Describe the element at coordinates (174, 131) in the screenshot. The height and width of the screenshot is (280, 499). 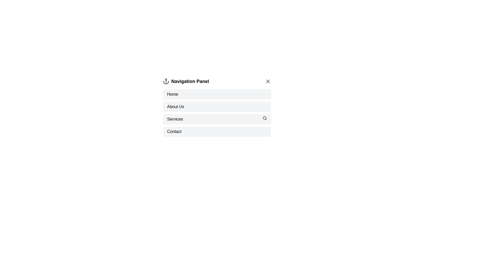
I see `the text label that displays 'Contact' within the fourth button of the vertical navigation menu panel` at that location.